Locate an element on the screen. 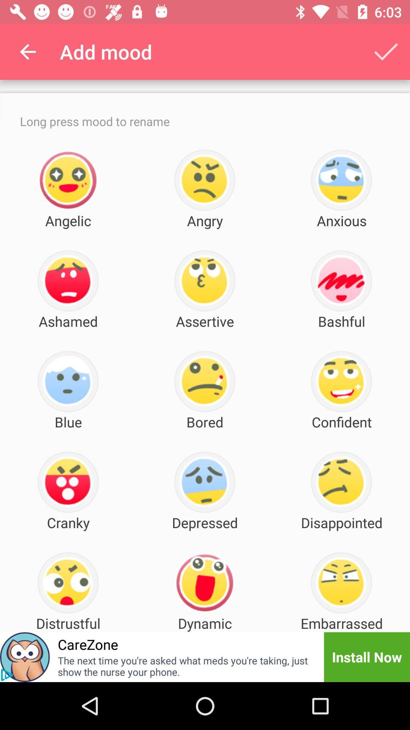  item next to add mood icon is located at coordinates (27, 51).